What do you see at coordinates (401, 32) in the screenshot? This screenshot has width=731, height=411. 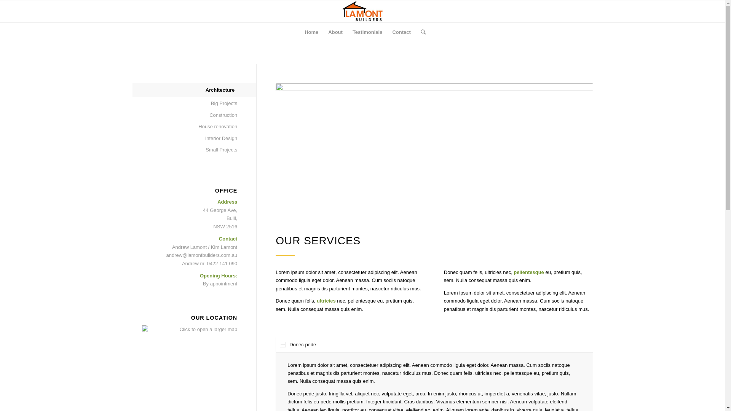 I see `'Contact'` at bounding box center [401, 32].